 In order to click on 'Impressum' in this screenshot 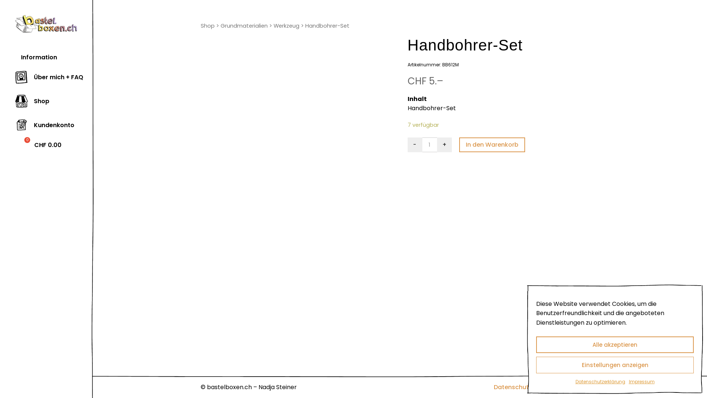, I will do `click(641, 381)`.